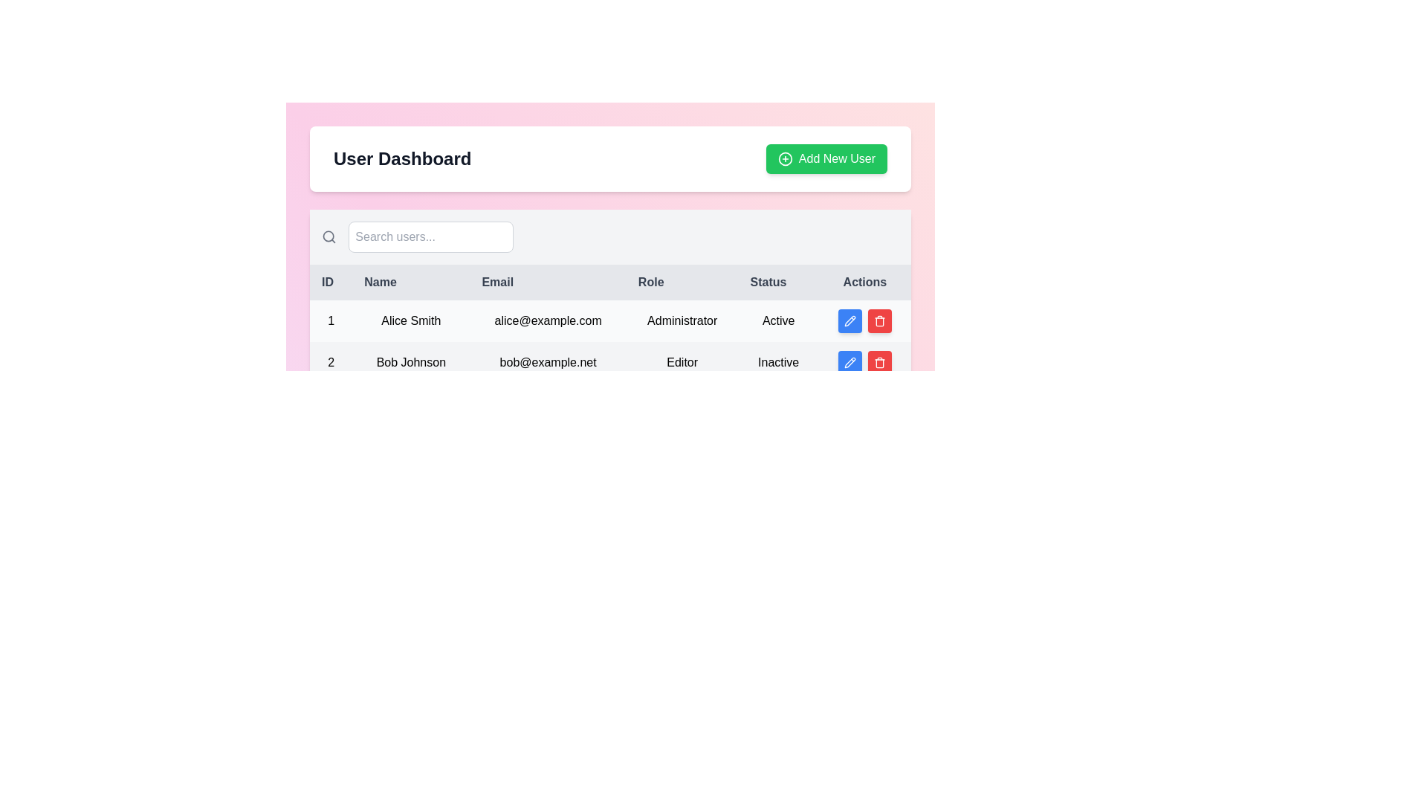  Describe the element at coordinates (682, 320) in the screenshot. I see `the text label displaying the role 'Administrator' for user 'Alice Smith' in the first row of the table under the 'Role' column` at that location.